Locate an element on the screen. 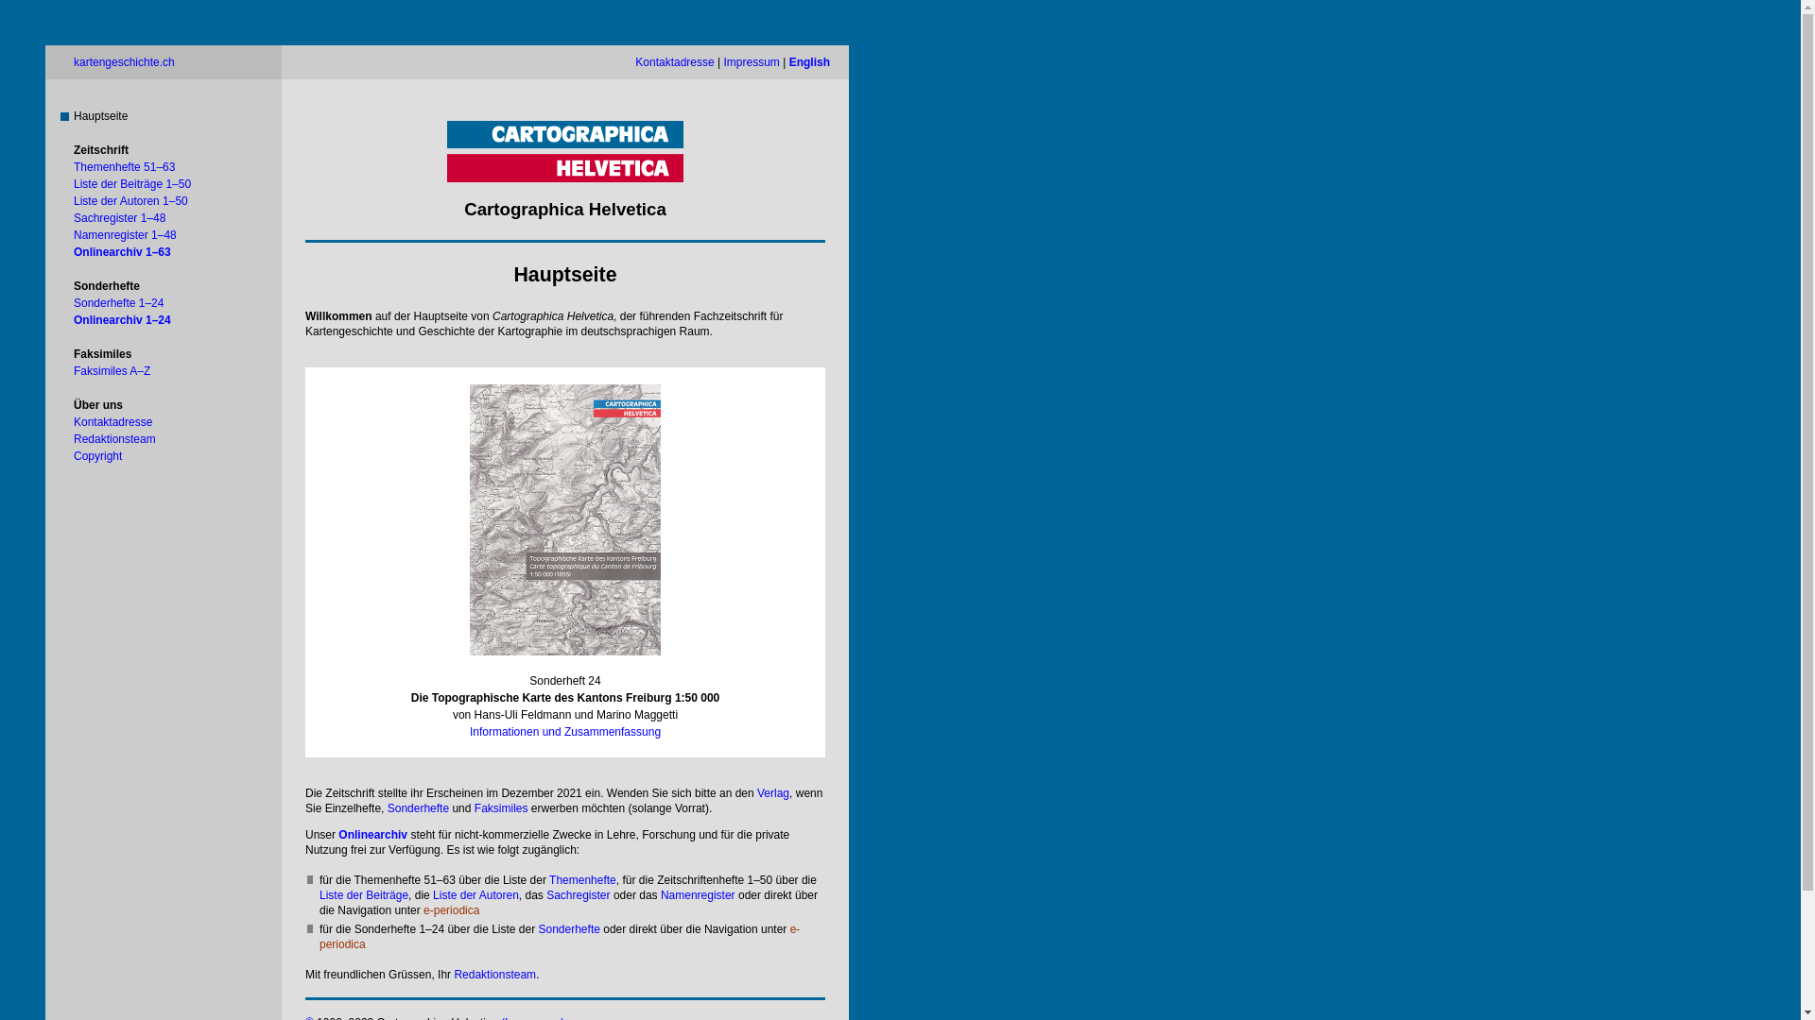  'e-periodica' is located at coordinates (558, 936).